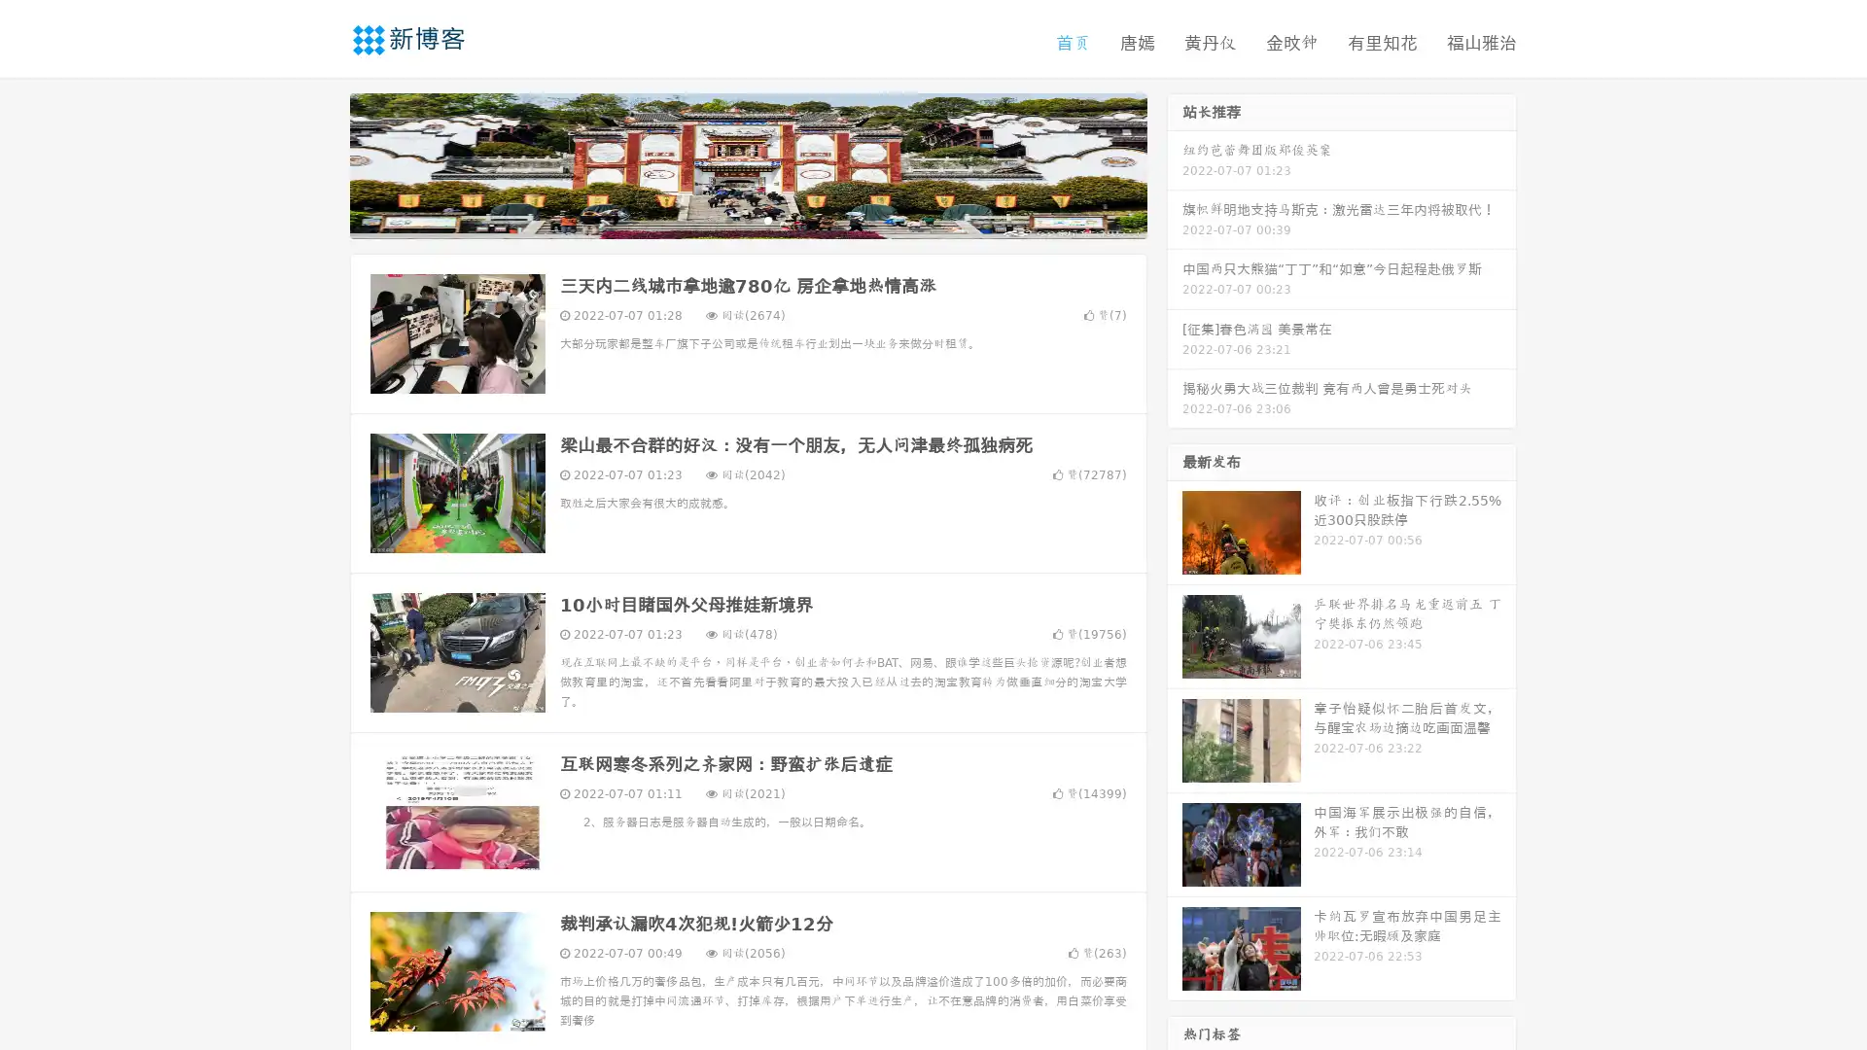 This screenshot has height=1050, width=1867. Describe the element at coordinates (747, 219) in the screenshot. I see `Go to slide 2` at that location.